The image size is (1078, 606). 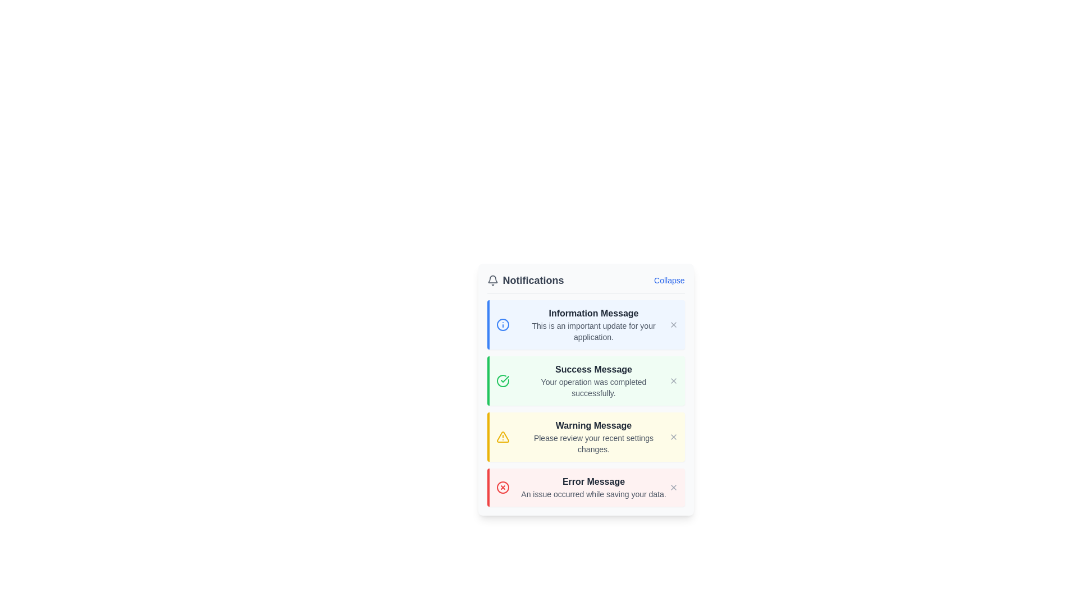 What do you see at coordinates (593, 481) in the screenshot?
I see `'Error Message' text located in the bottom-most notification item of the 'Notifications' panel, which appears with bold, dark gray text on a light red background` at bounding box center [593, 481].